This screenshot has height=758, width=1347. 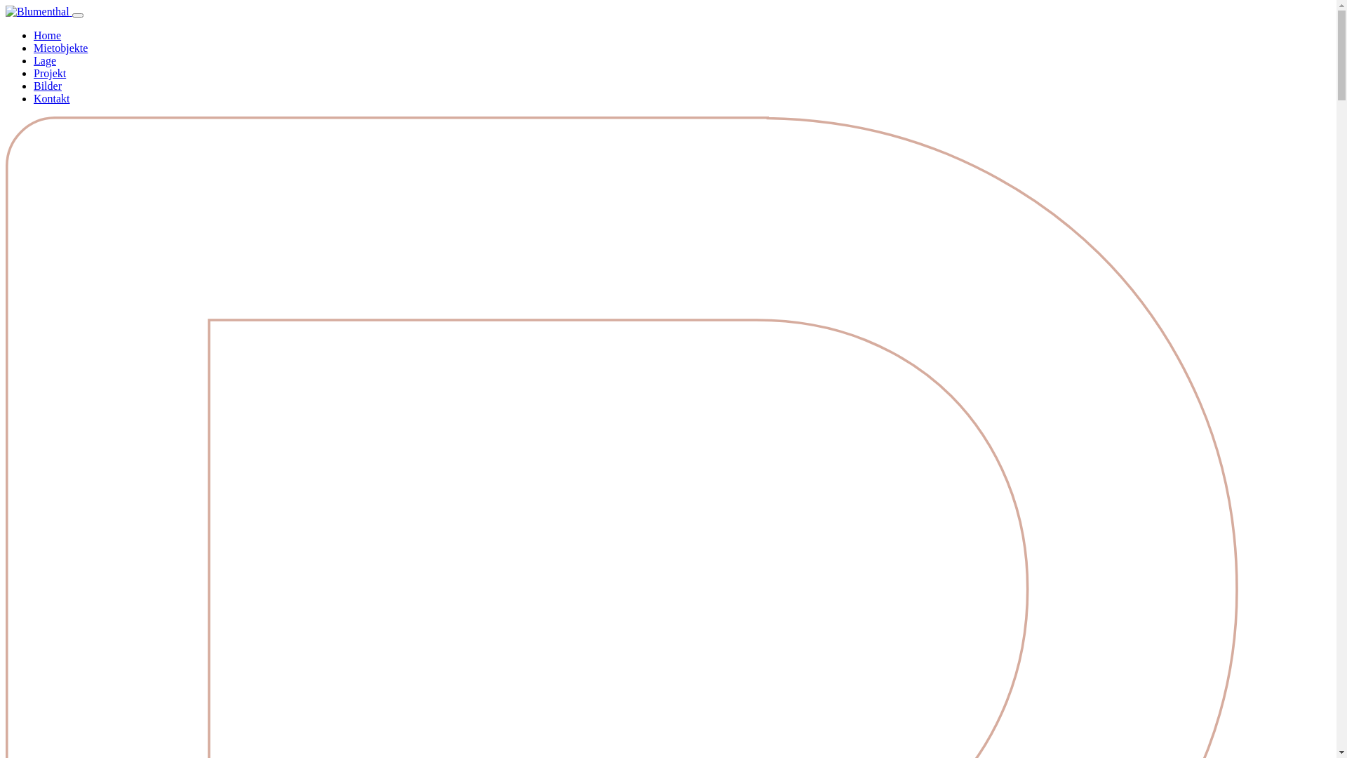 I want to click on 'Kontakt', so click(x=34, y=98).